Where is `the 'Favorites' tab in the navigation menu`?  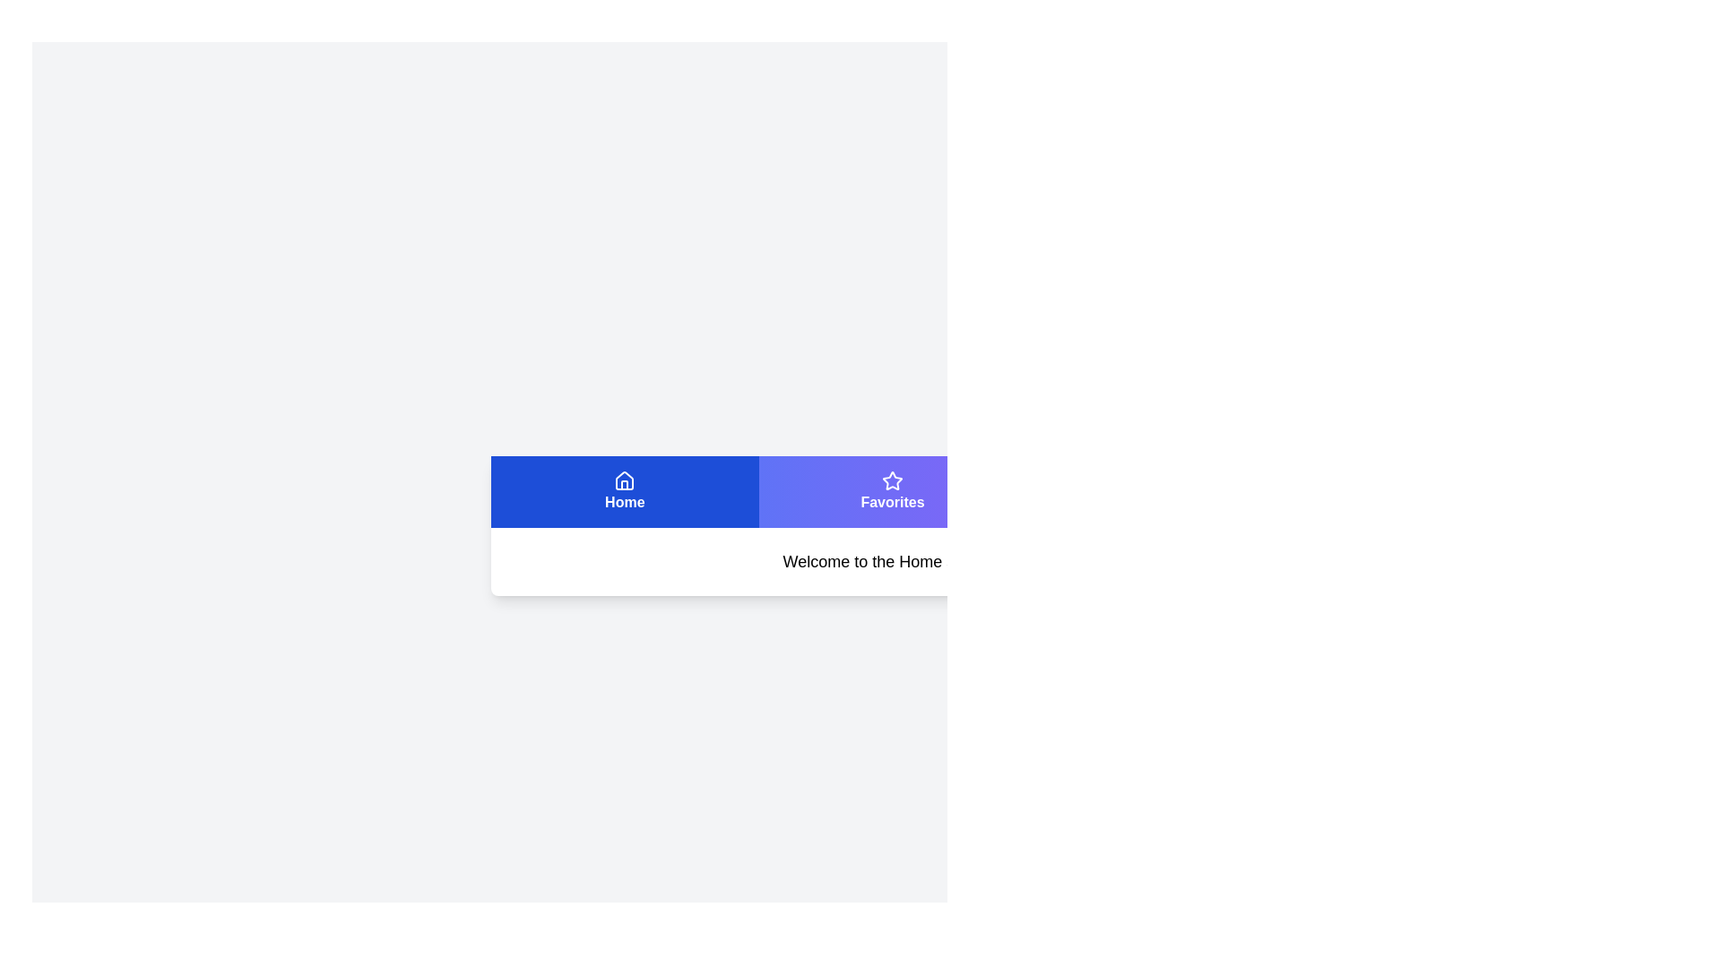
the 'Favorites' tab in the navigation menu is located at coordinates (892, 491).